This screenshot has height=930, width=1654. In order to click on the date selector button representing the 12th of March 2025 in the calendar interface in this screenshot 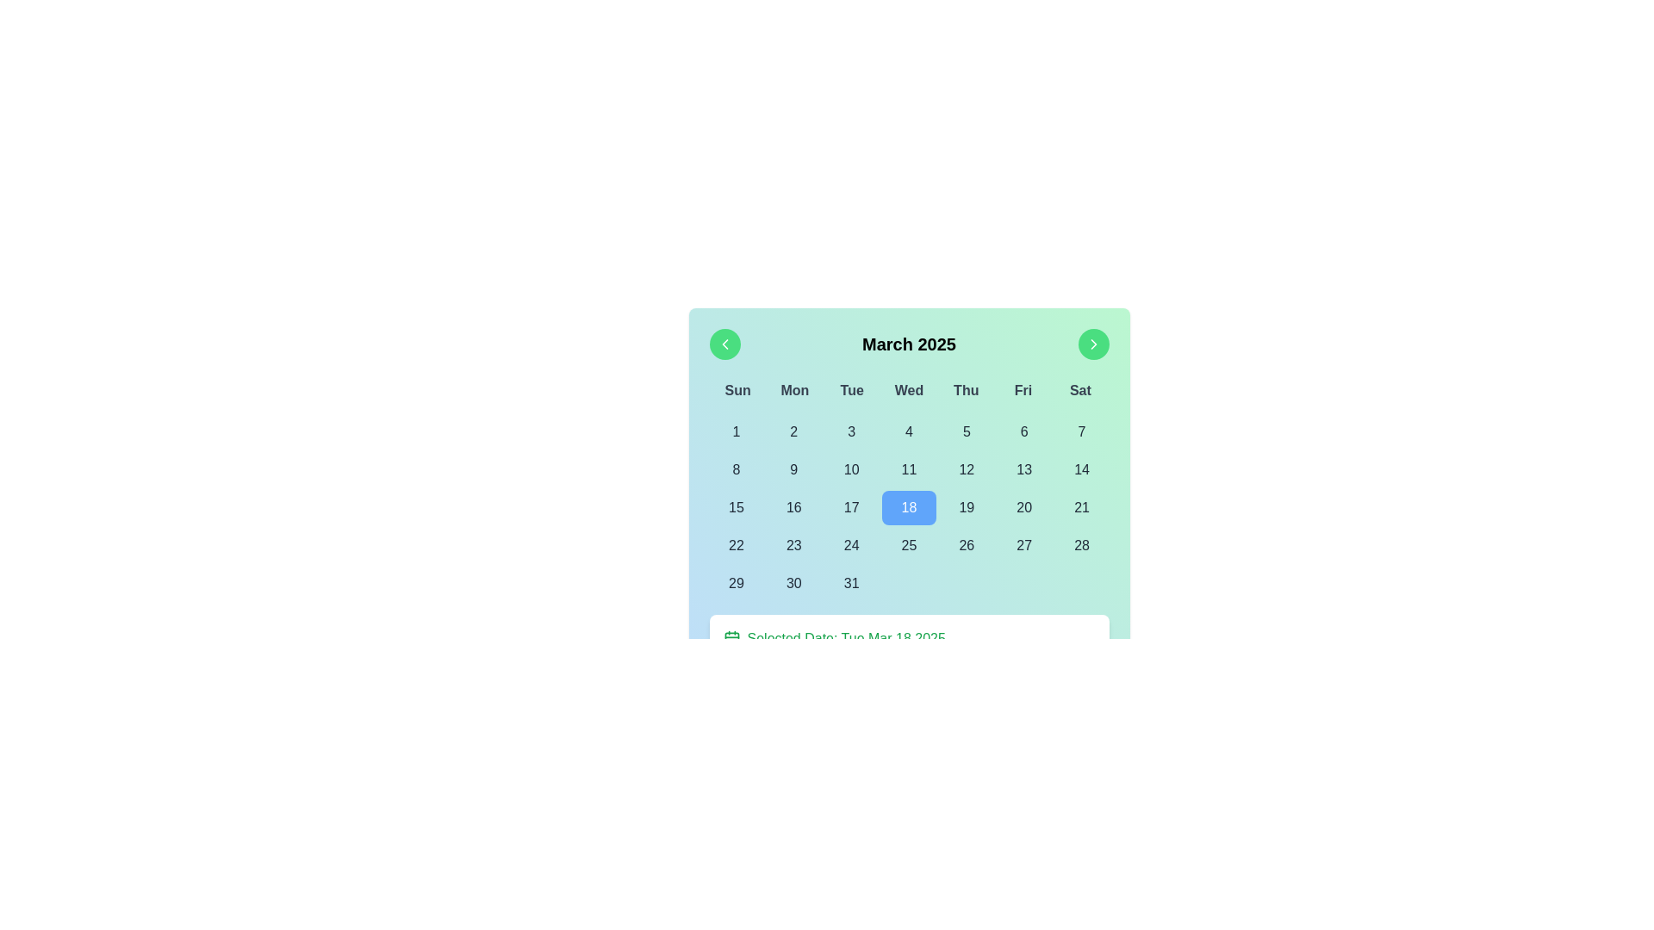, I will do `click(967, 470)`.